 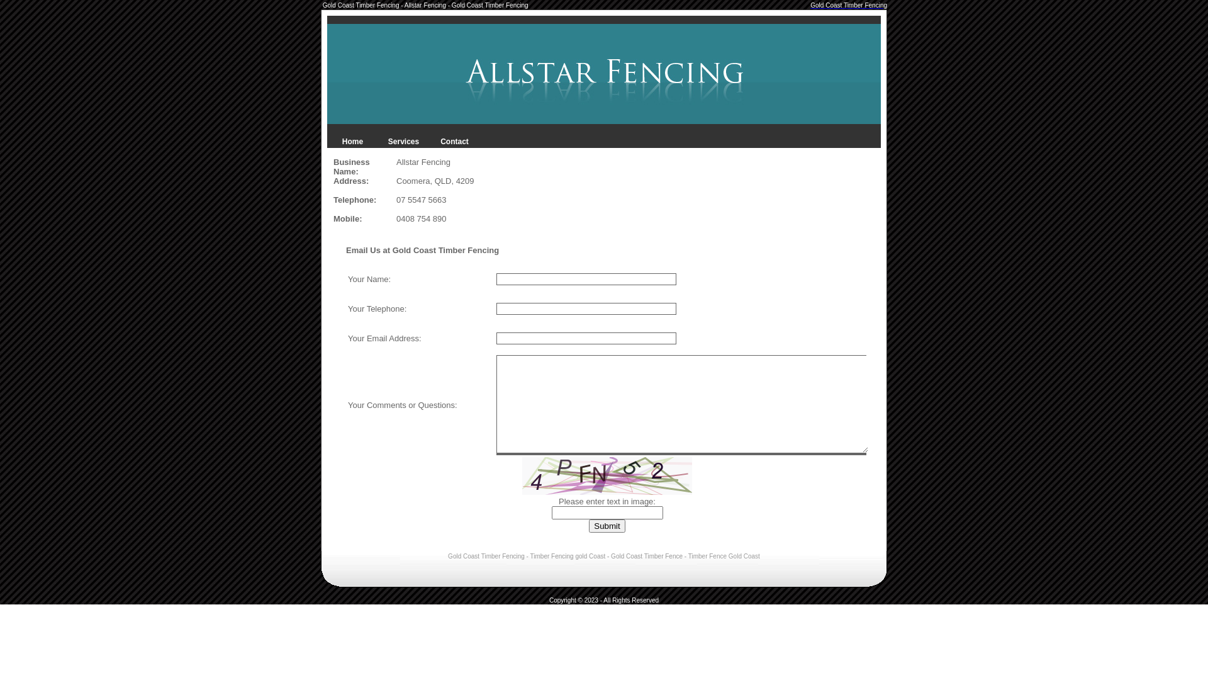 I want to click on 'Home', so click(x=352, y=141).